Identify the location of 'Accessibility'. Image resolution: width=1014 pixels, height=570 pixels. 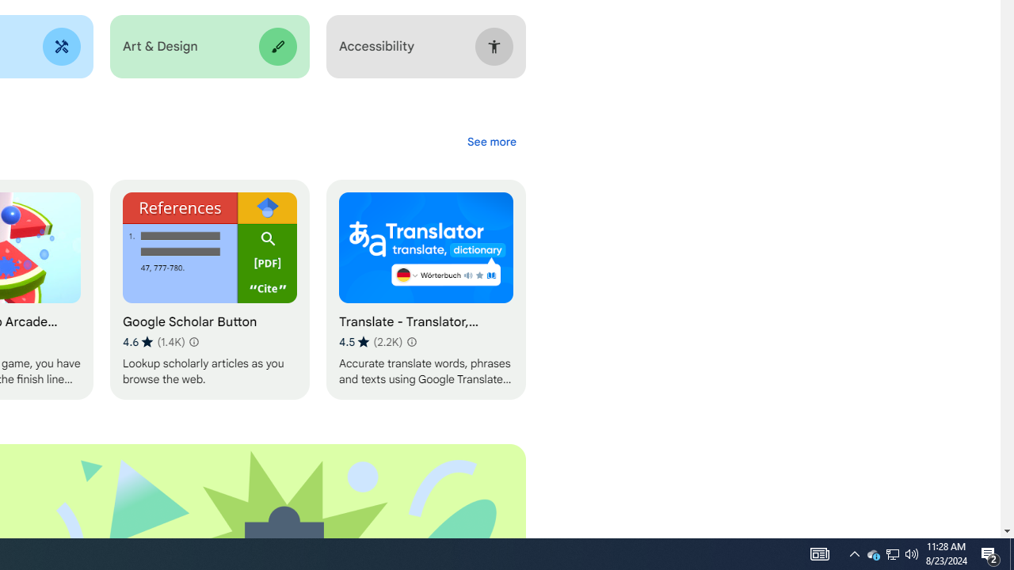
(425, 46).